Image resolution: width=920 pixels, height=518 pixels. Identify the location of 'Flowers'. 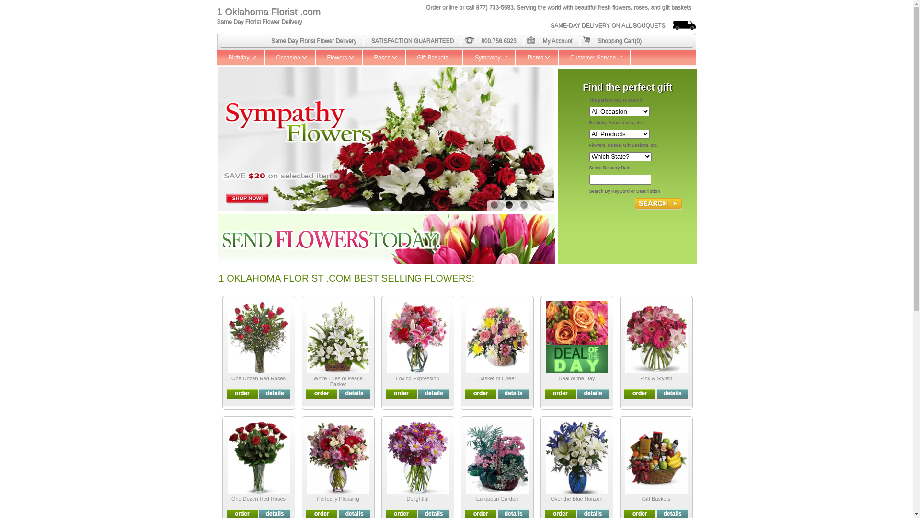
(339, 57).